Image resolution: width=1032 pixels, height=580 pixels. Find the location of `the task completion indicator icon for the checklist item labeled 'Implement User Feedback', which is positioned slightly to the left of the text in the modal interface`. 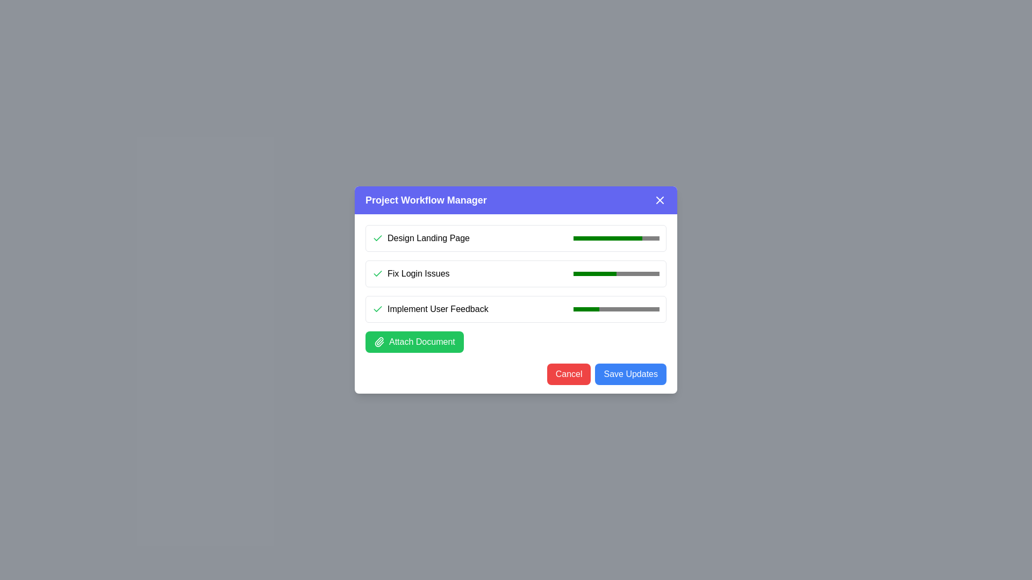

the task completion indicator icon for the checklist item labeled 'Implement User Feedback', which is positioned slightly to the left of the text in the modal interface is located at coordinates (377, 309).